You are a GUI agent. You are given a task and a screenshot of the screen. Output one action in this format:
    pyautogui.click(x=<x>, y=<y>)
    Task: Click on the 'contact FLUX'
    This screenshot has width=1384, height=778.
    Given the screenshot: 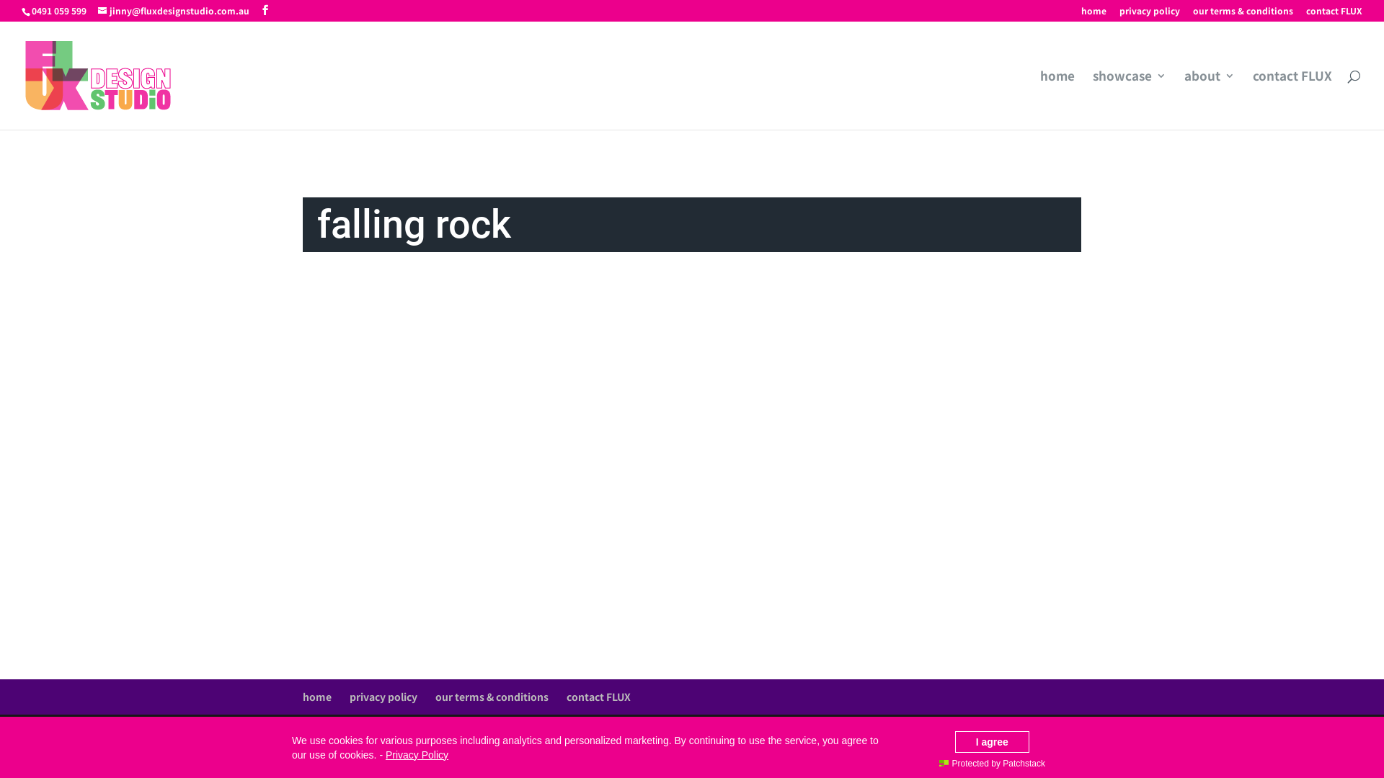 What is the action you would take?
    pyautogui.click(x=1334, y=14)
    